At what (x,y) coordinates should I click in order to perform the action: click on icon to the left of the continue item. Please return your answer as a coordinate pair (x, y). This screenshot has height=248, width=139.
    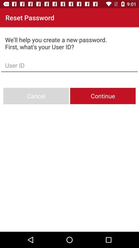
    Looking at the image, I should click on (36, 96).